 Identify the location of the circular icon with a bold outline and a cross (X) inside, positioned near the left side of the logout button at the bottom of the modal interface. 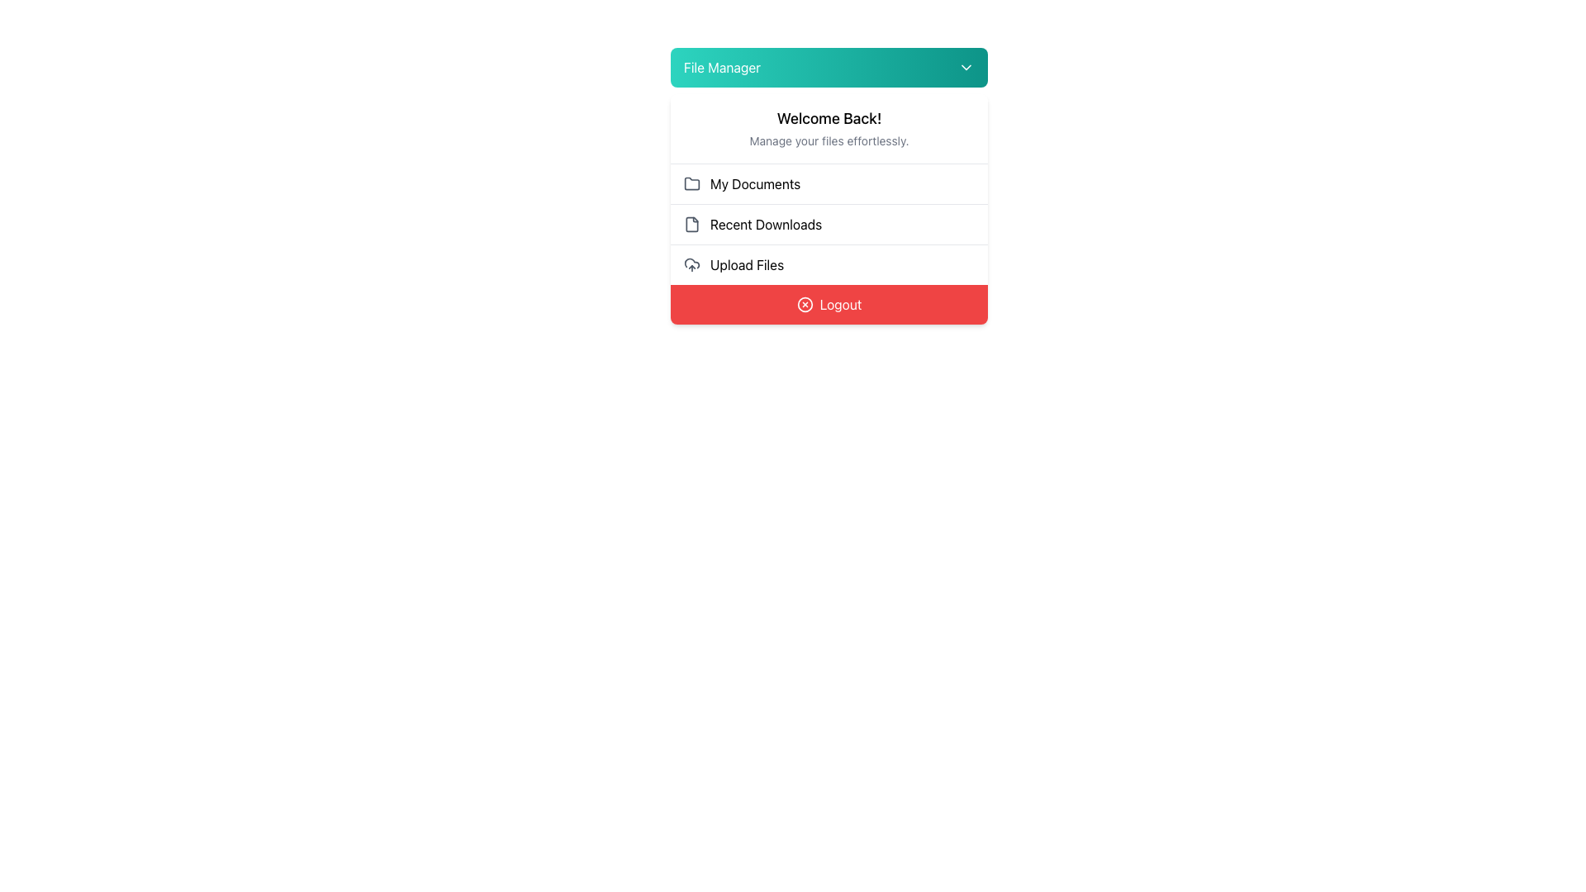
(805, 305).